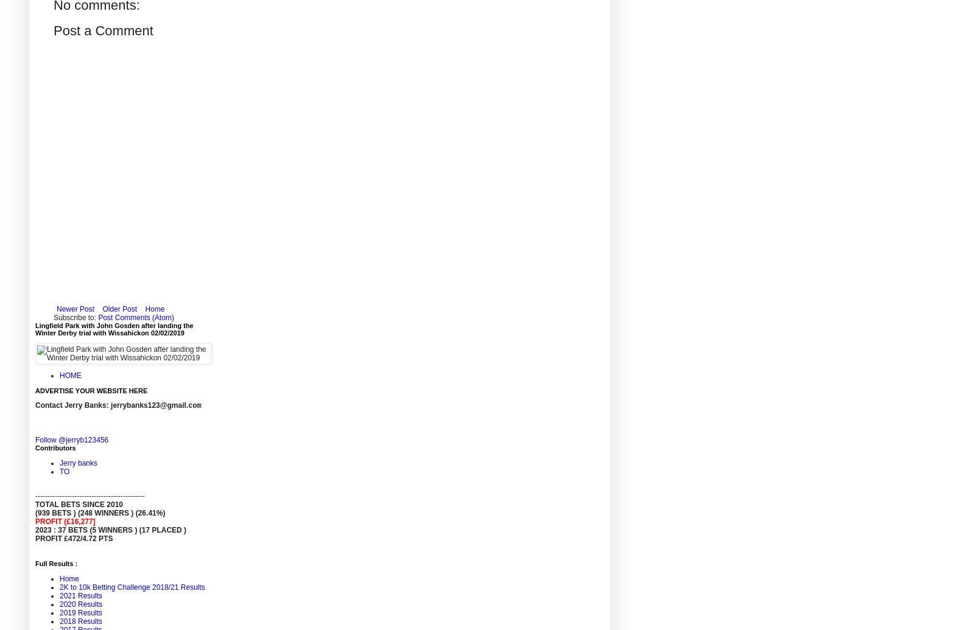 The width and height of the screenshot is (973, 630). I want to click on 'Post a Comment', so click(53, 30).